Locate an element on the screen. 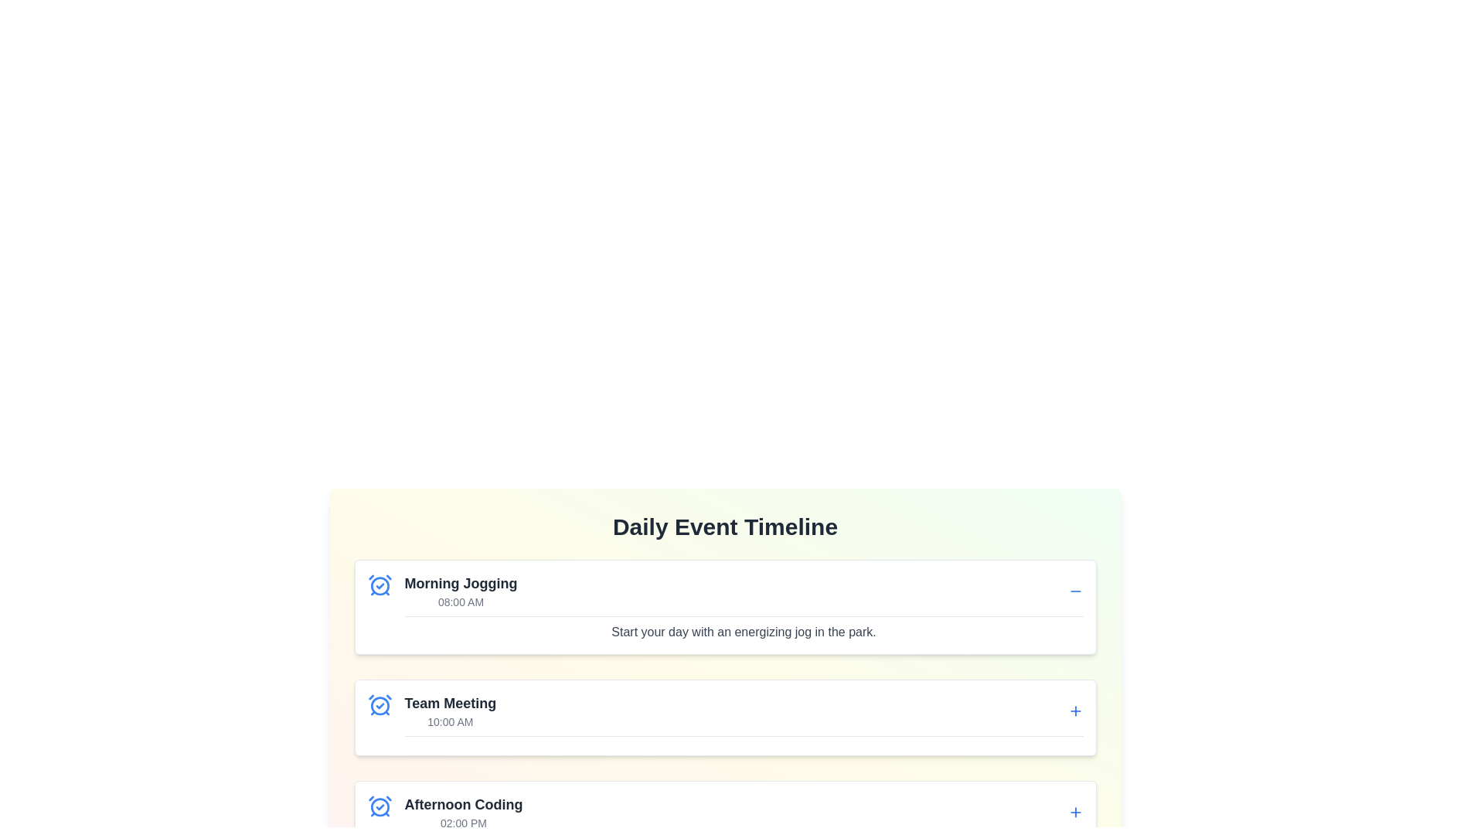  properties of the Text Label displaying the title of the scheduled 'Team Meeting' event, which is located above the '10:00 AM' text in the vertical timeline interface is located at coordinates (449, 704).